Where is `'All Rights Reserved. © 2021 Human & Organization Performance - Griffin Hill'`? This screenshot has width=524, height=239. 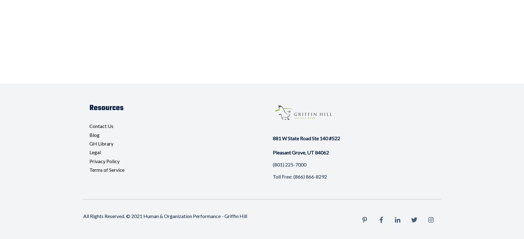
'All Rights Reserved. © 2021 Human & Organization Performance - Griffin Hill' is located at coordinates (165, 216).